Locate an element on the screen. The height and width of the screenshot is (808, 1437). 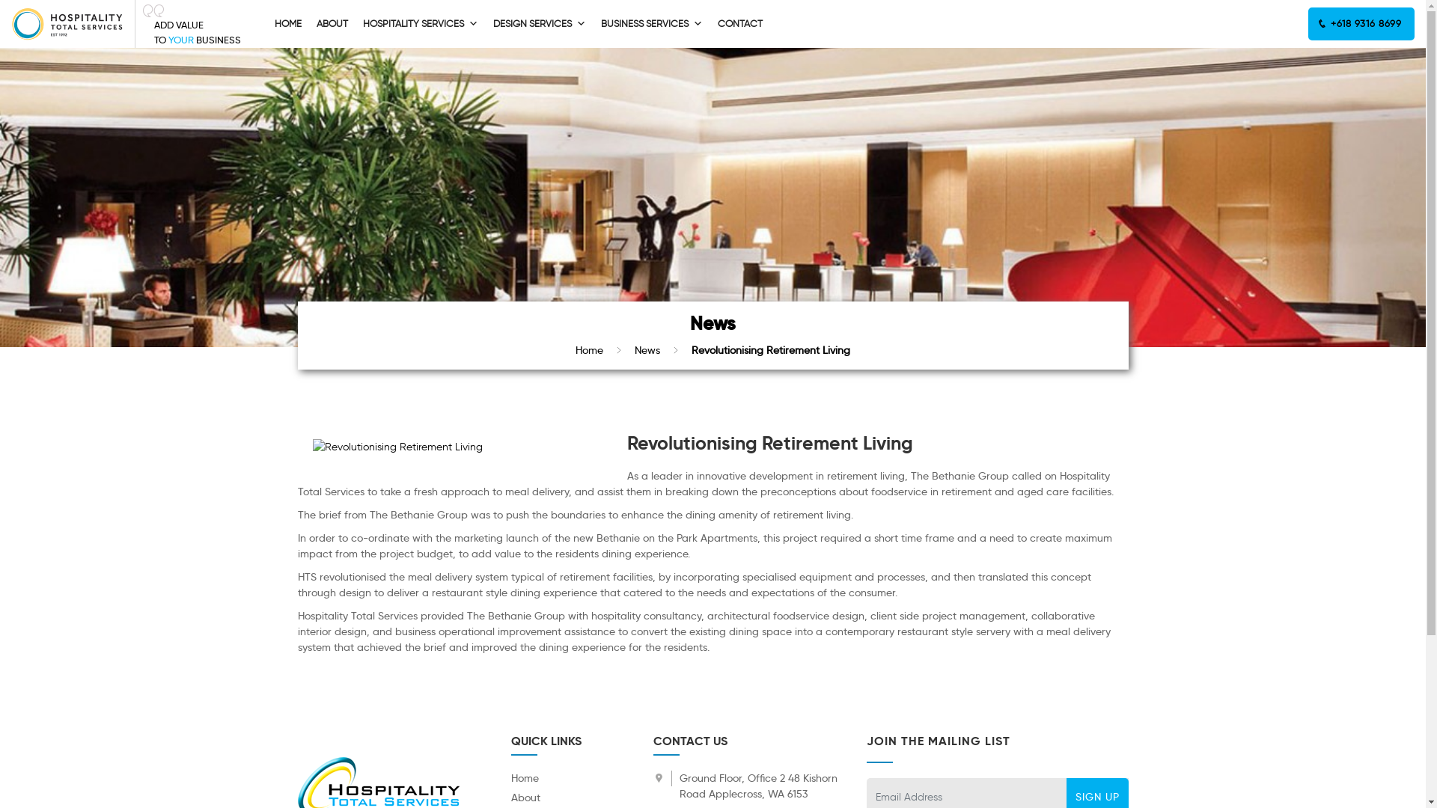
'BUSINESS SERVICES' is located at coordinates (651, 23).